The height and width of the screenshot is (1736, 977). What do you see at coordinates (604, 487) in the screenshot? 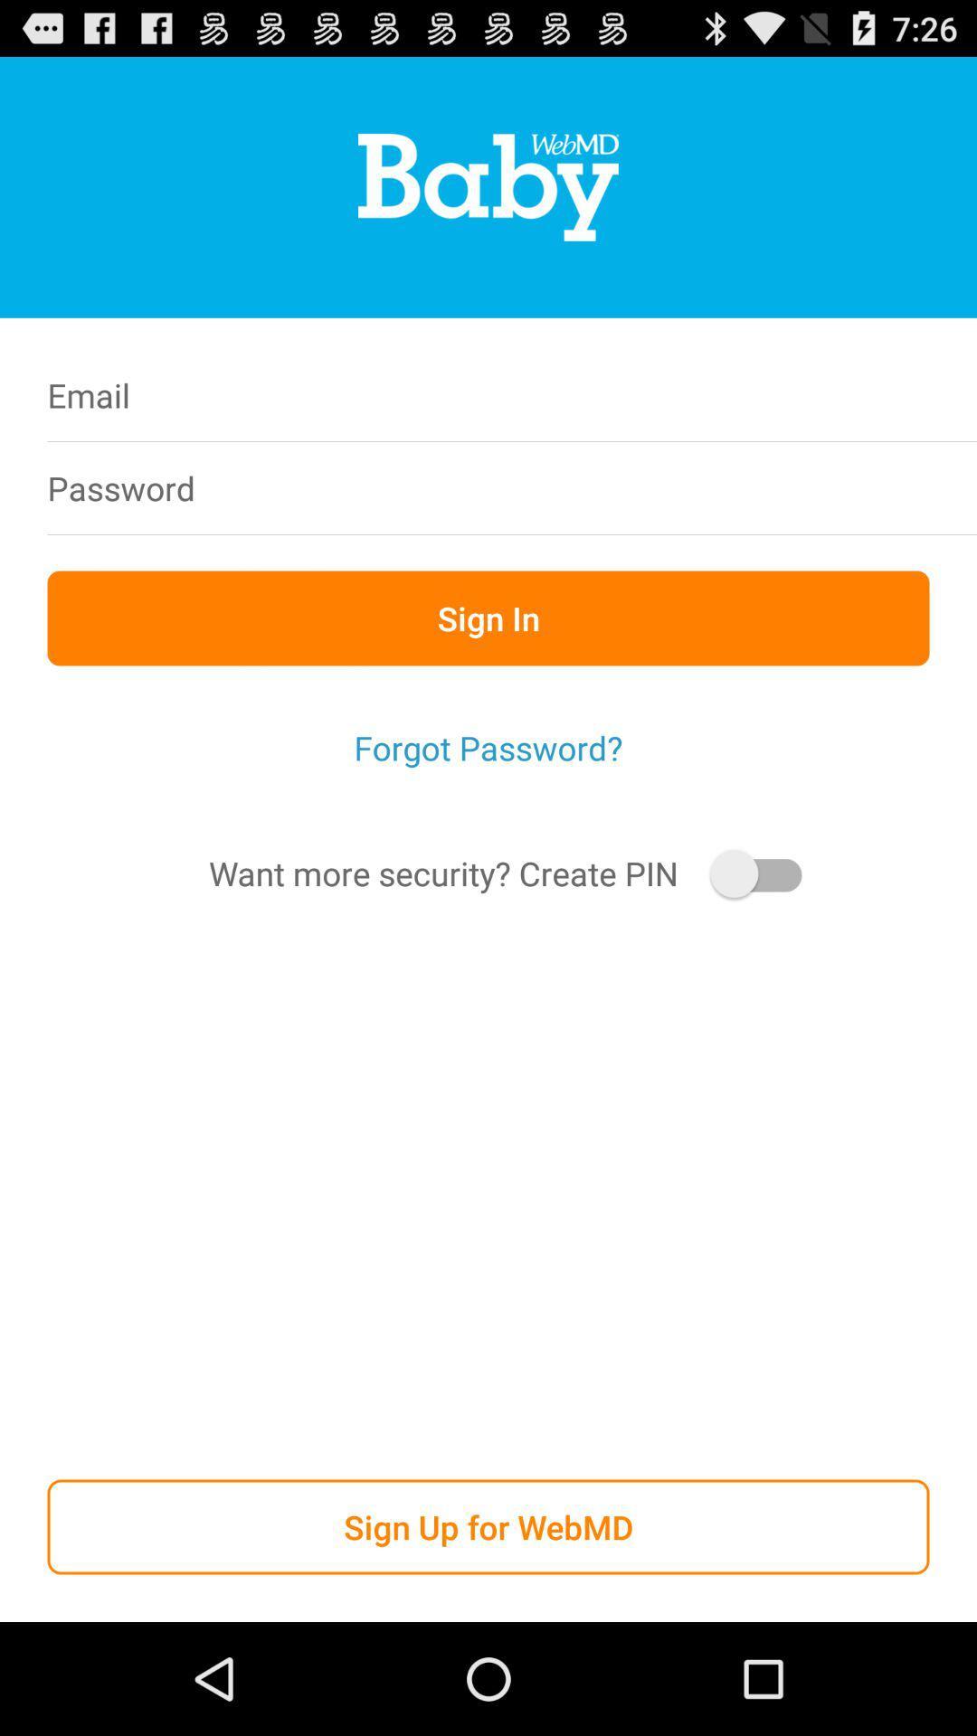
I see `icon to the right of the password icon` at bounding box center [604, 487].